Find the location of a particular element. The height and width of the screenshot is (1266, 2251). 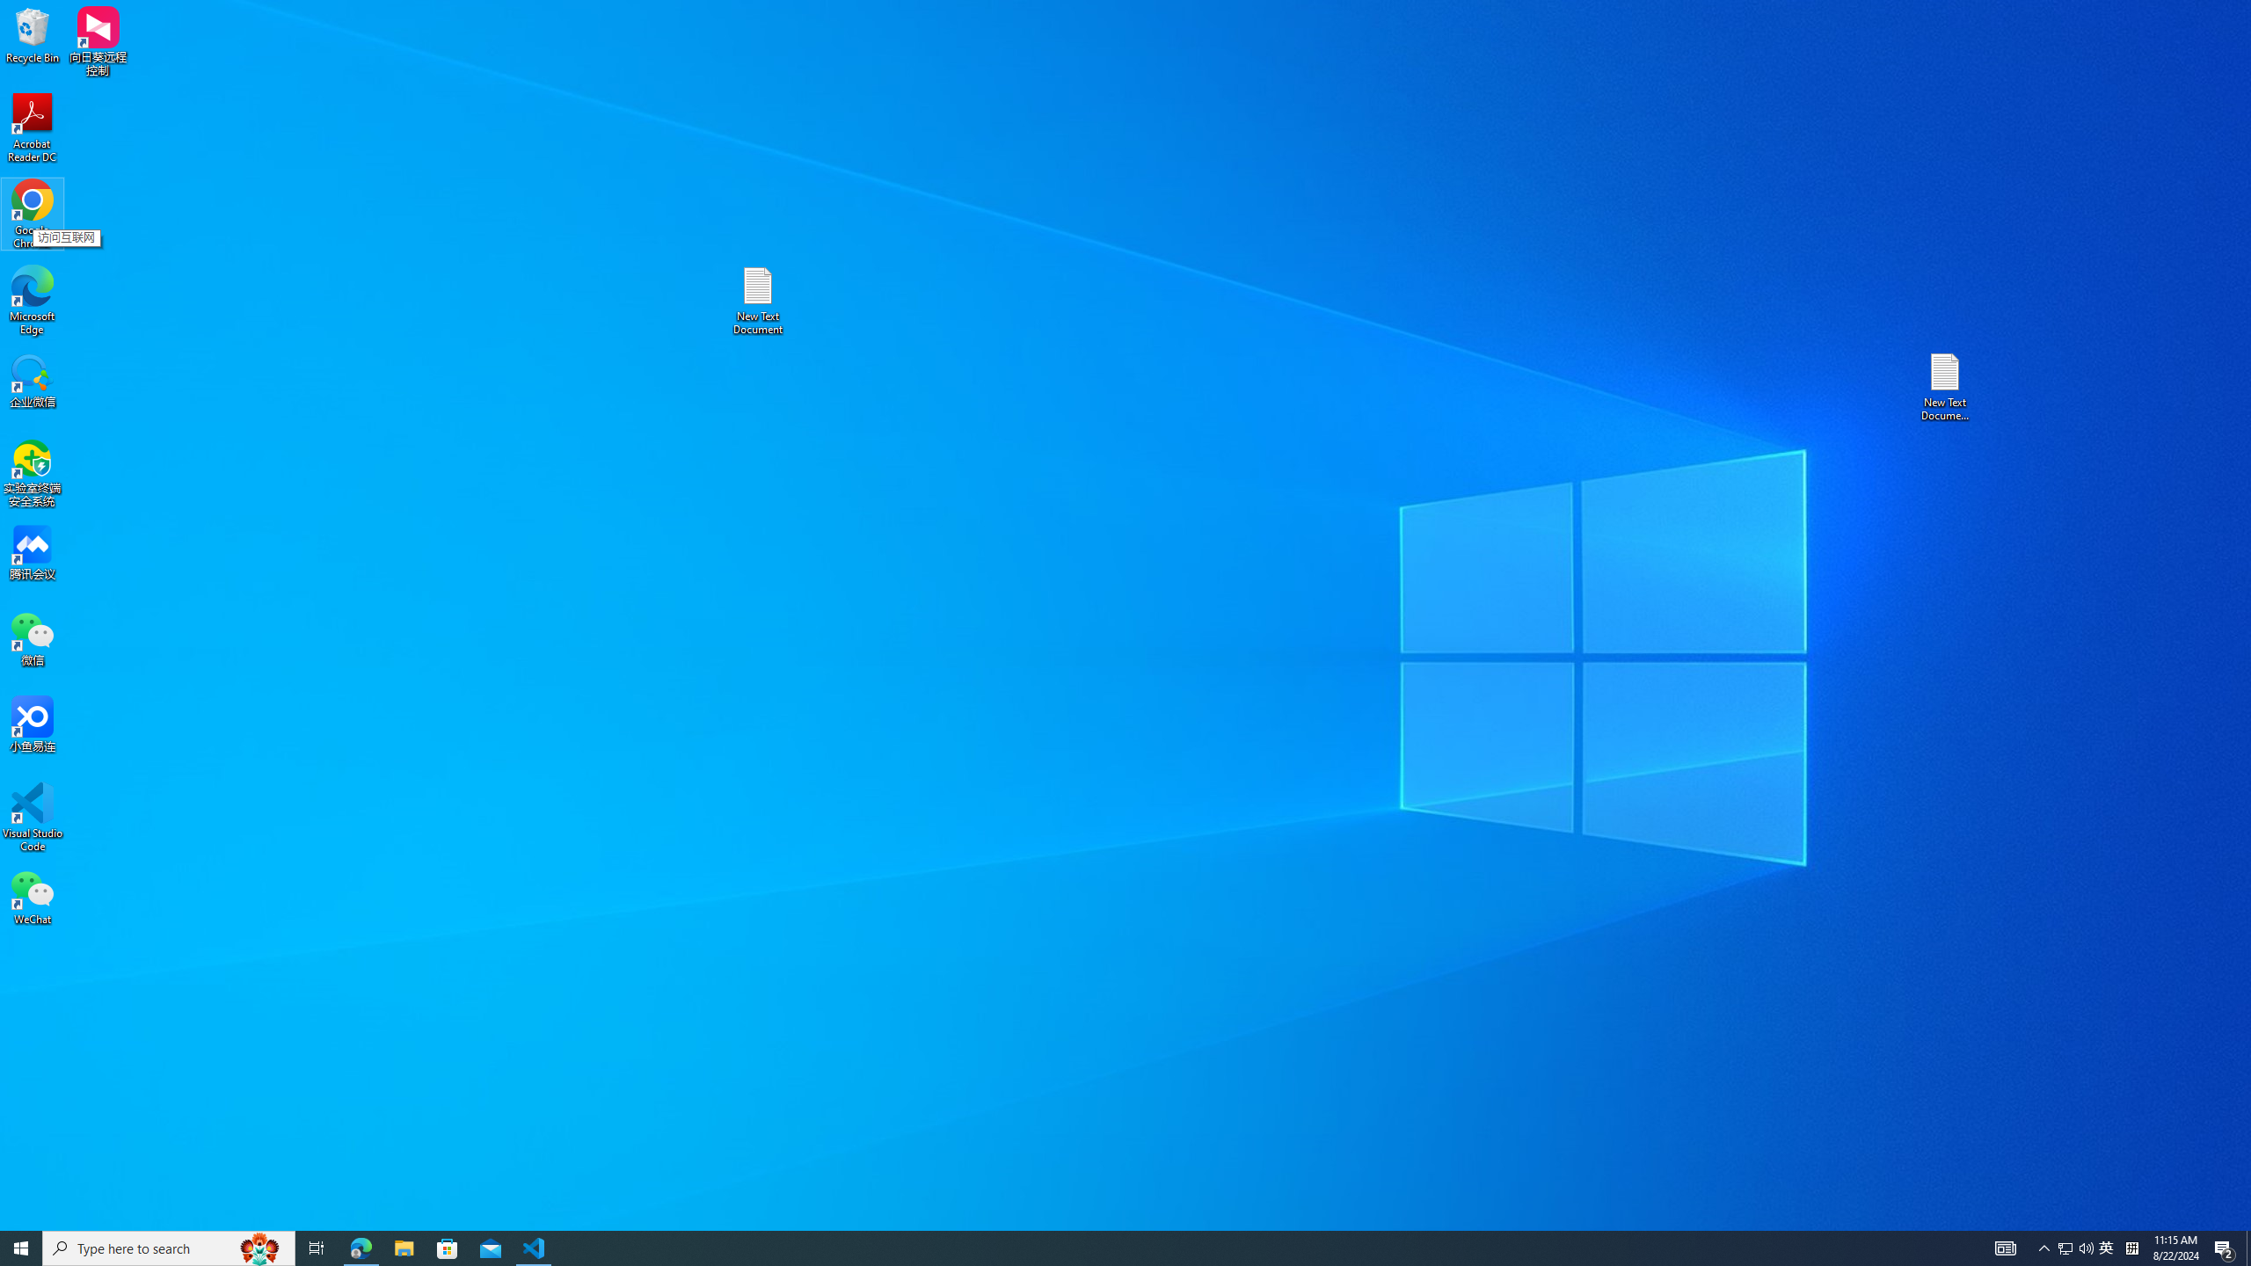

'Visual Studio Code' is located at coordinates (32, 816).